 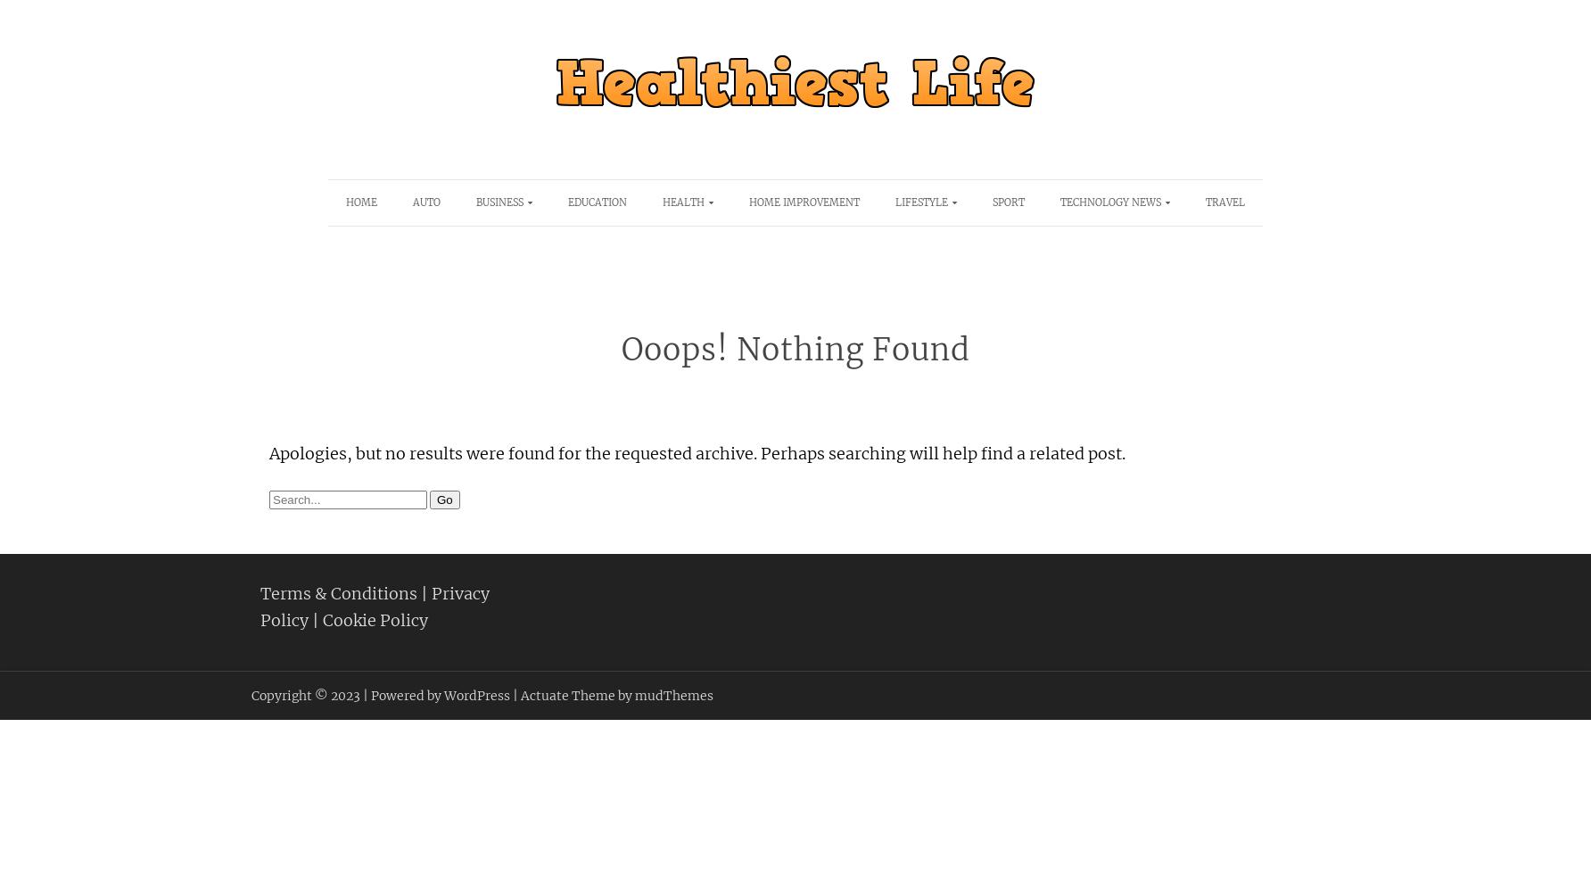 What do you see at coordinates (794, 350) in the screenshot?
I see `'Ooops! Nothing Found'` at bounding box center [794, 350].